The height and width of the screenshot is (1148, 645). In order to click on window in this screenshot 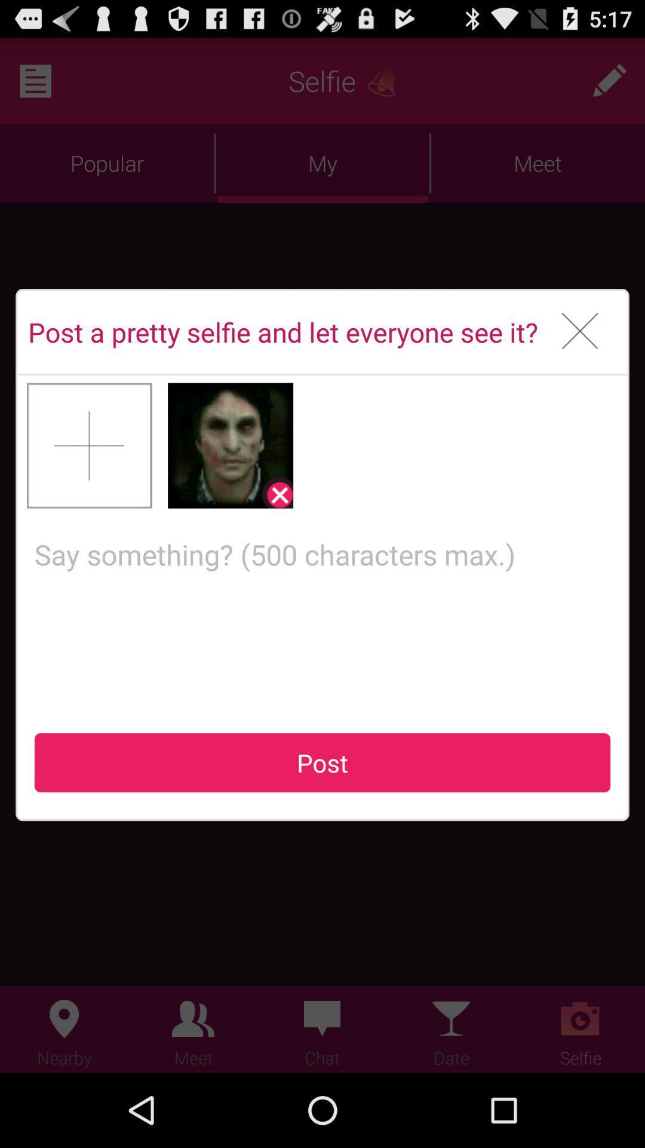, I will do `click(579, 332)`.